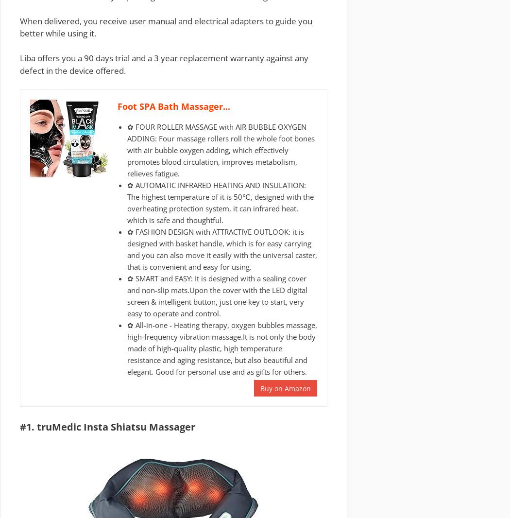 The height and width of the screenshot is (518, 510). I want to click on '✿ FOUR ROLLER MASSAGE with AIR BUBBLE OXYGEN ADDING: Four massage rollers roll the whole foot bones with air bubble oxygen adding, which effectively promotes blood circulation, improves metabolism, relieves fatigue.', so click(221, 149).